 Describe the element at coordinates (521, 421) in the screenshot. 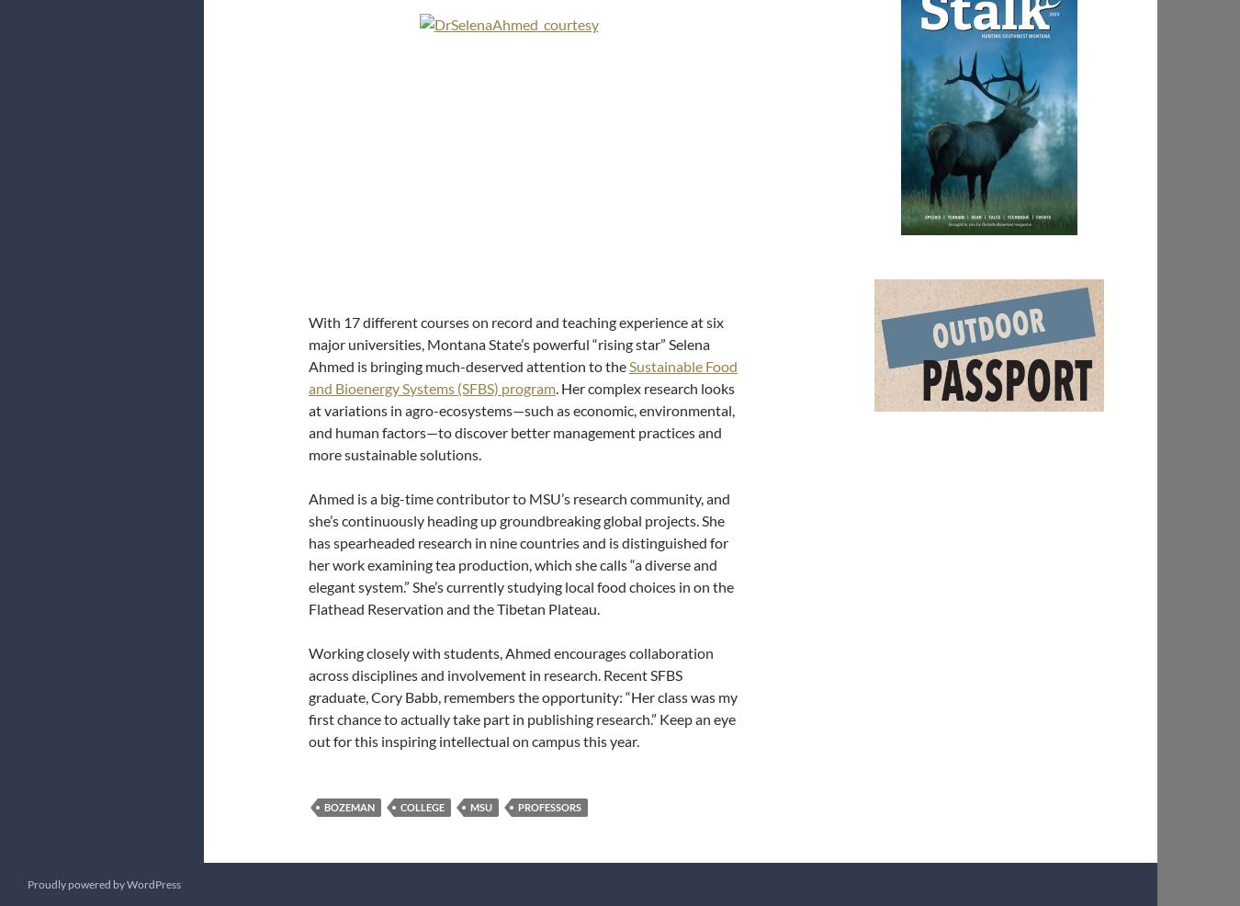

I see `'. Her complex research looks at variations in agro-ecosystems—such as economic, environmental, and human factors—to discover better management practices and more sustainable solutions.'` at that location.